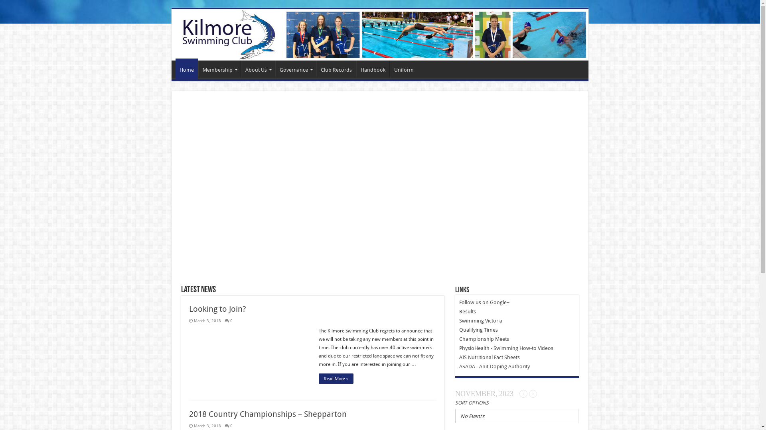 Image resolution: width=766 pixels, height=430 pixels. What do you see at coordinates (316, 68) in the screenshot?
I see `'Club Records'` at bounding box center [316, 68].